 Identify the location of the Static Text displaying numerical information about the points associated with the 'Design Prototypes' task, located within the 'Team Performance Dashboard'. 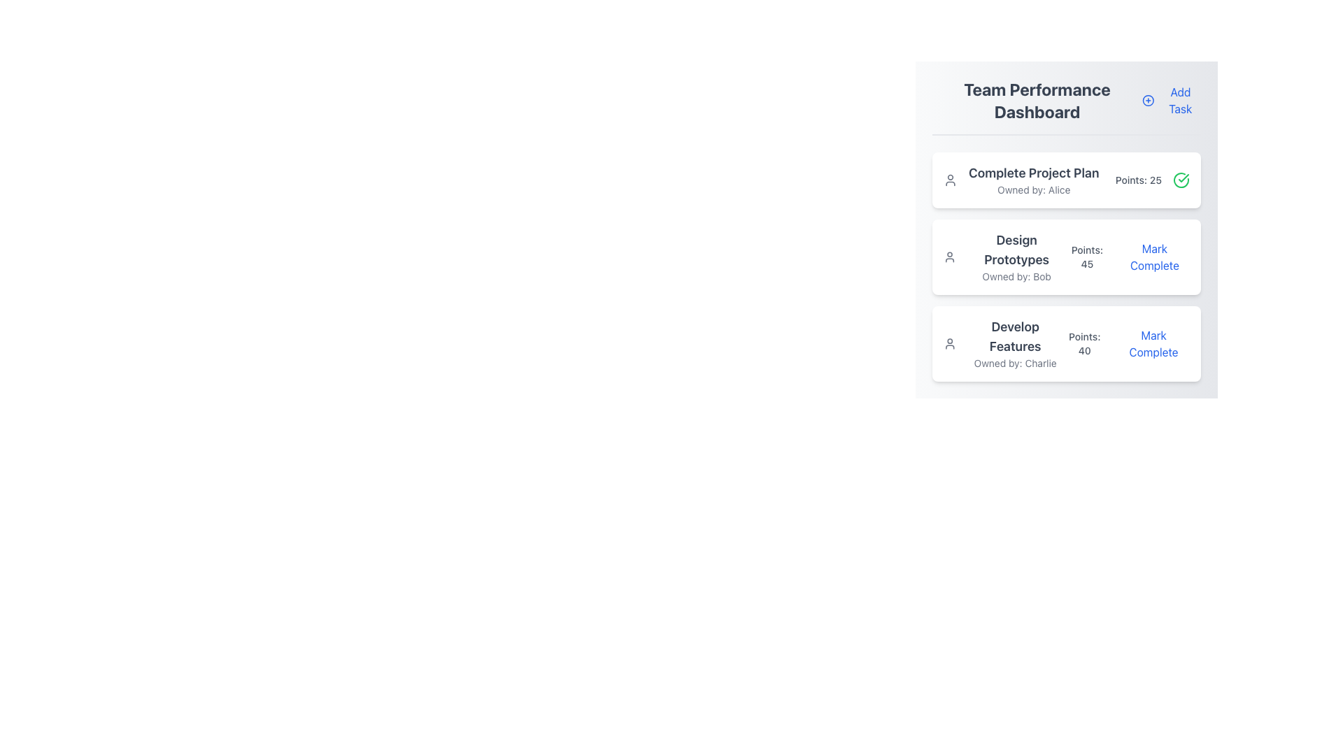
(1086, 257).